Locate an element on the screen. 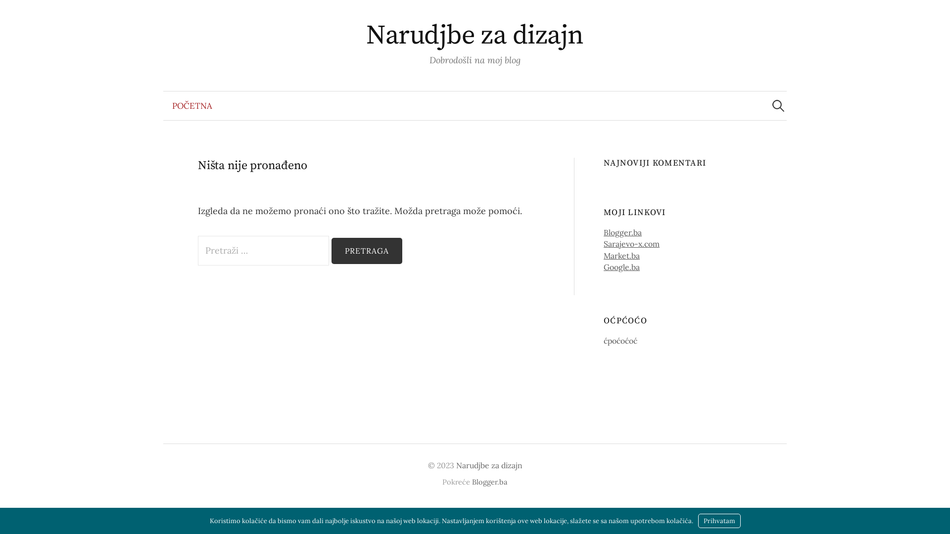 Image resolution: width=950 pixels, height=534 pixels. 'Sarajevo-x.com' is located at coordinates (631, 244).